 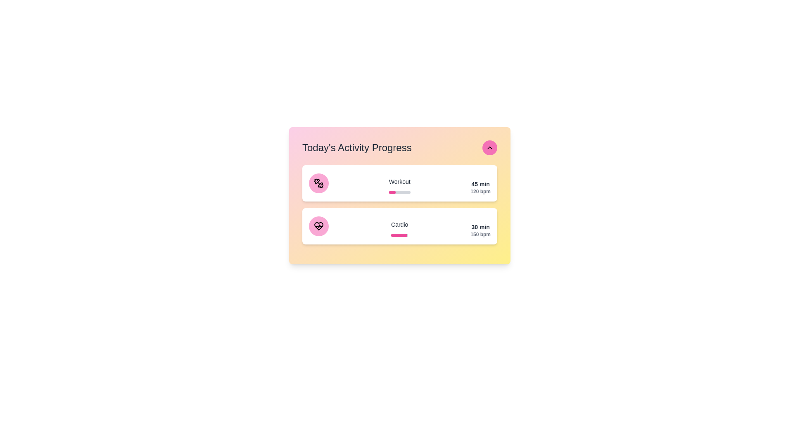 What do you see at coordinates (400, 226) in the screenshot?
I see `the 'Cardio' activity session card, which is the second card in the list of two cards under the 'Today's Activity Progress' panel` at bounding box center [400, 226].